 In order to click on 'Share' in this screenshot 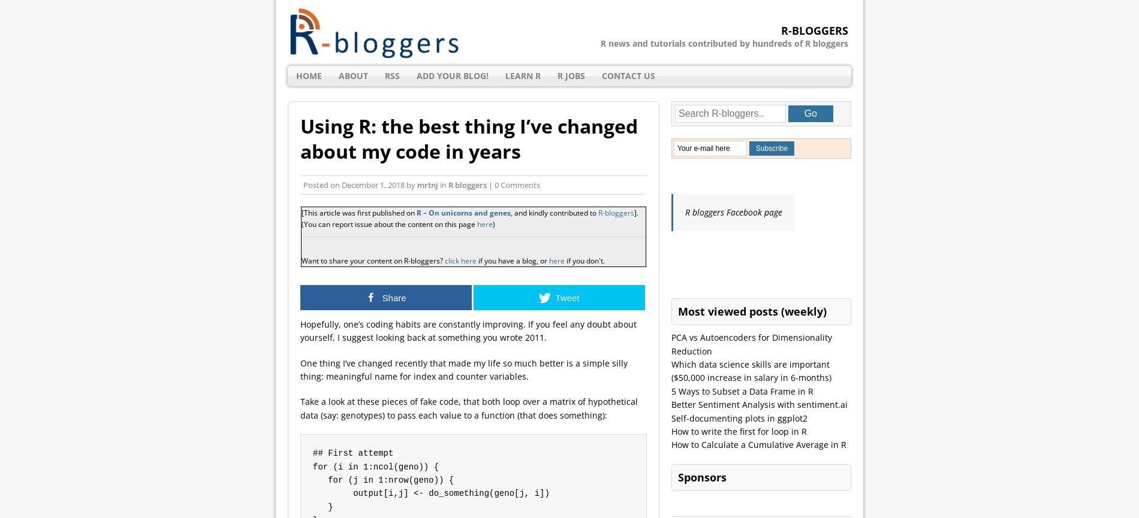, I will do `click(394, 296)`.